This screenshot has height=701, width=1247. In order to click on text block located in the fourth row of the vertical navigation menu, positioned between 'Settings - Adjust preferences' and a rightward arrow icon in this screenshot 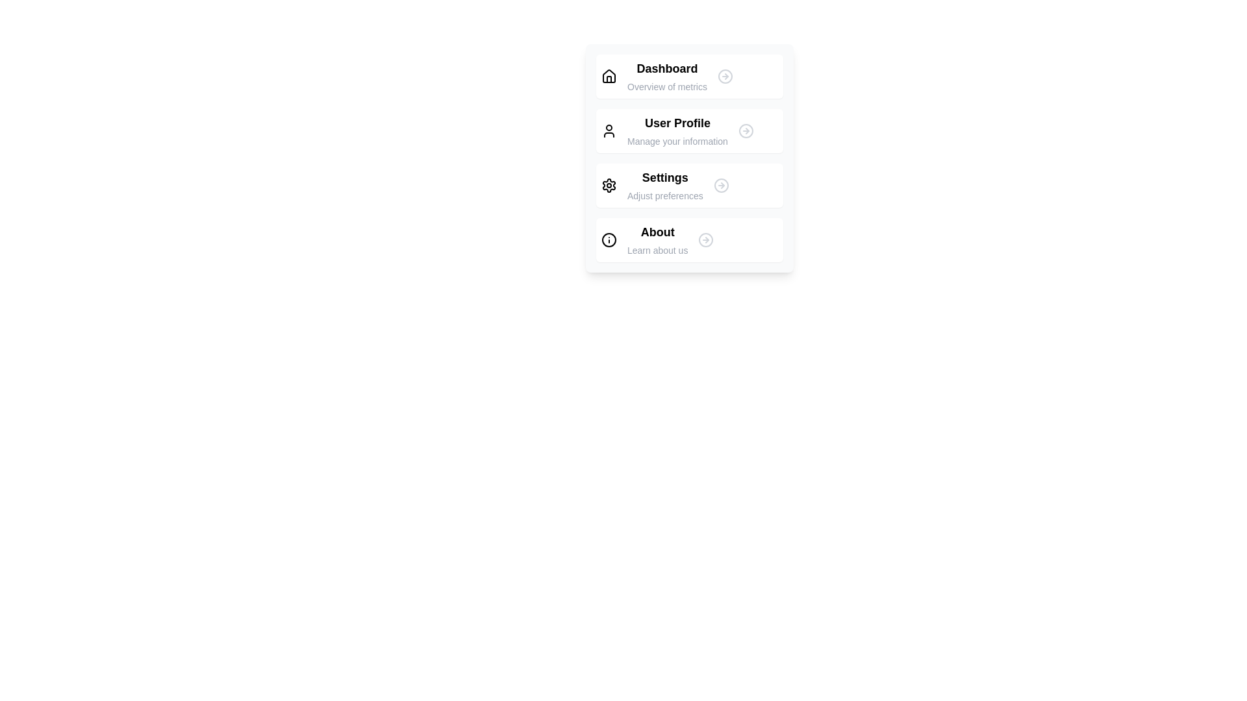, I will do `click(657, 240)`.